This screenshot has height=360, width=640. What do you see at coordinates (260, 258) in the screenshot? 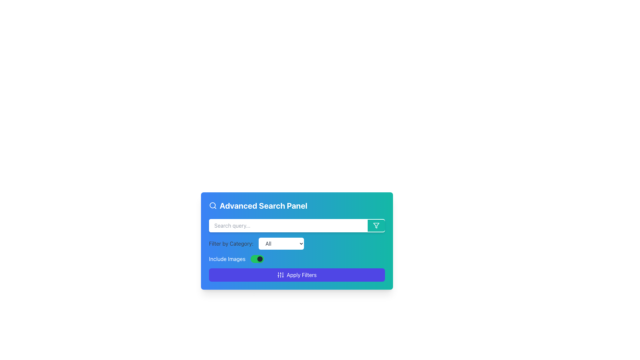
I see `the Toggle Marker, which is a small circular toggle with a dark grayish background and a white outline, located at the right edge of the toggle switch under 'Include Images' in the Advanced Search Panel` at bounding box center [260, 258].